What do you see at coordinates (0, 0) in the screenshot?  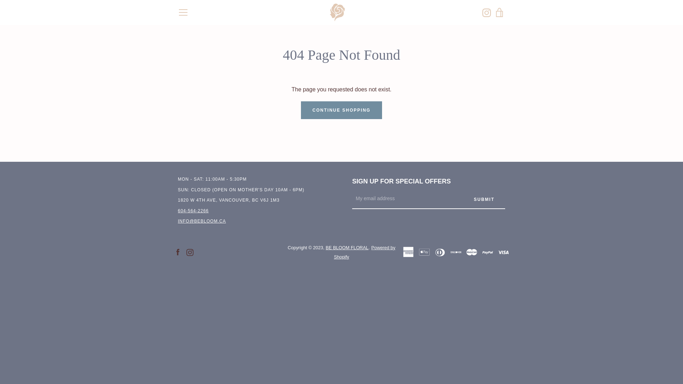 I see `'Skip to content'` at bounding box center [0, 0].